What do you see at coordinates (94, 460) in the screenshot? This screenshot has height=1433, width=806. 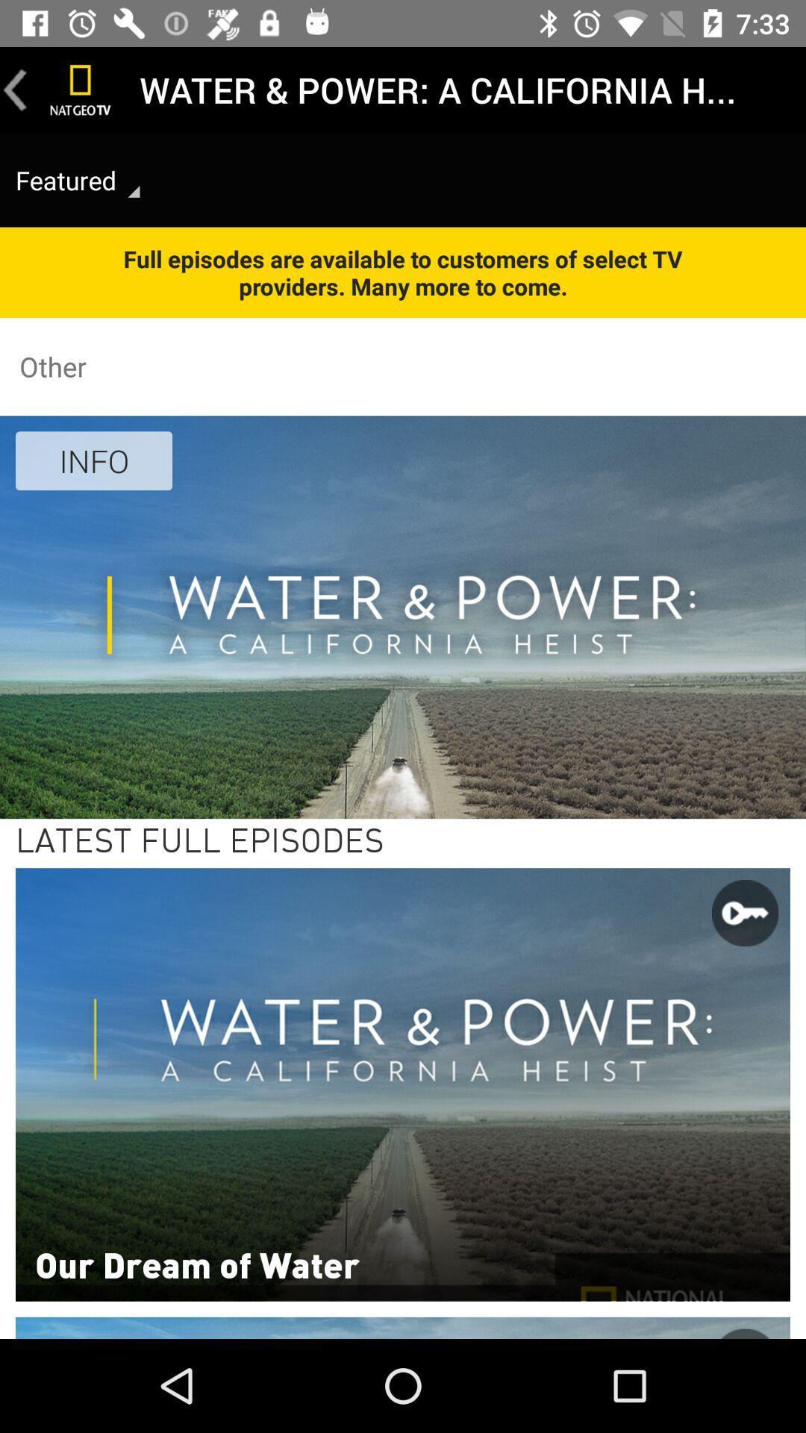 I see `the item below the other icon` at bounding box center [94, 460].